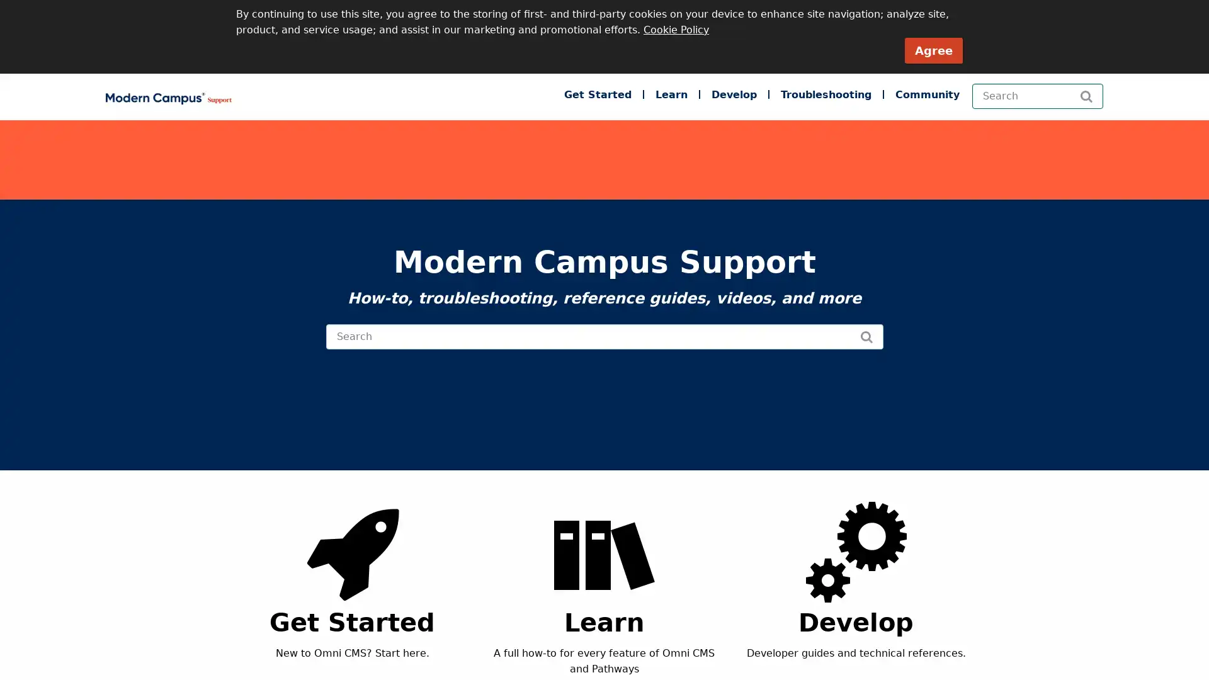  I want to click on Search, so click(1086, 94).